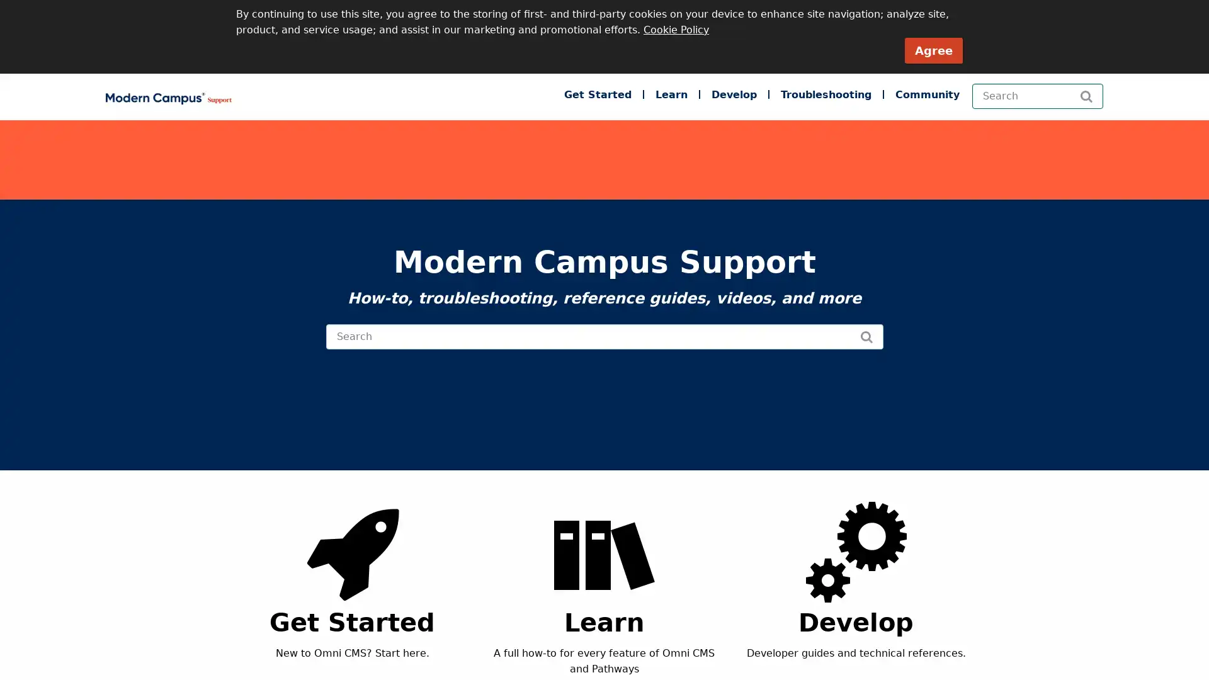  I want to click on Search, so click(1086, 94).